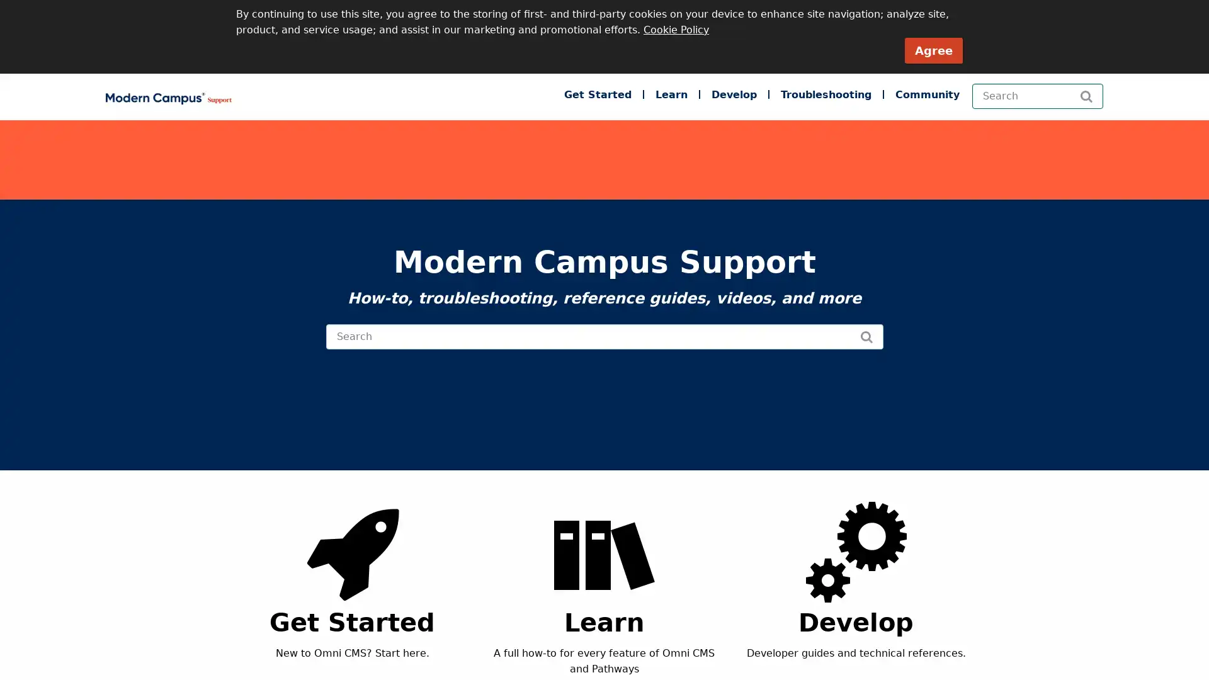  I want to click on Search, so click(1086, 94).